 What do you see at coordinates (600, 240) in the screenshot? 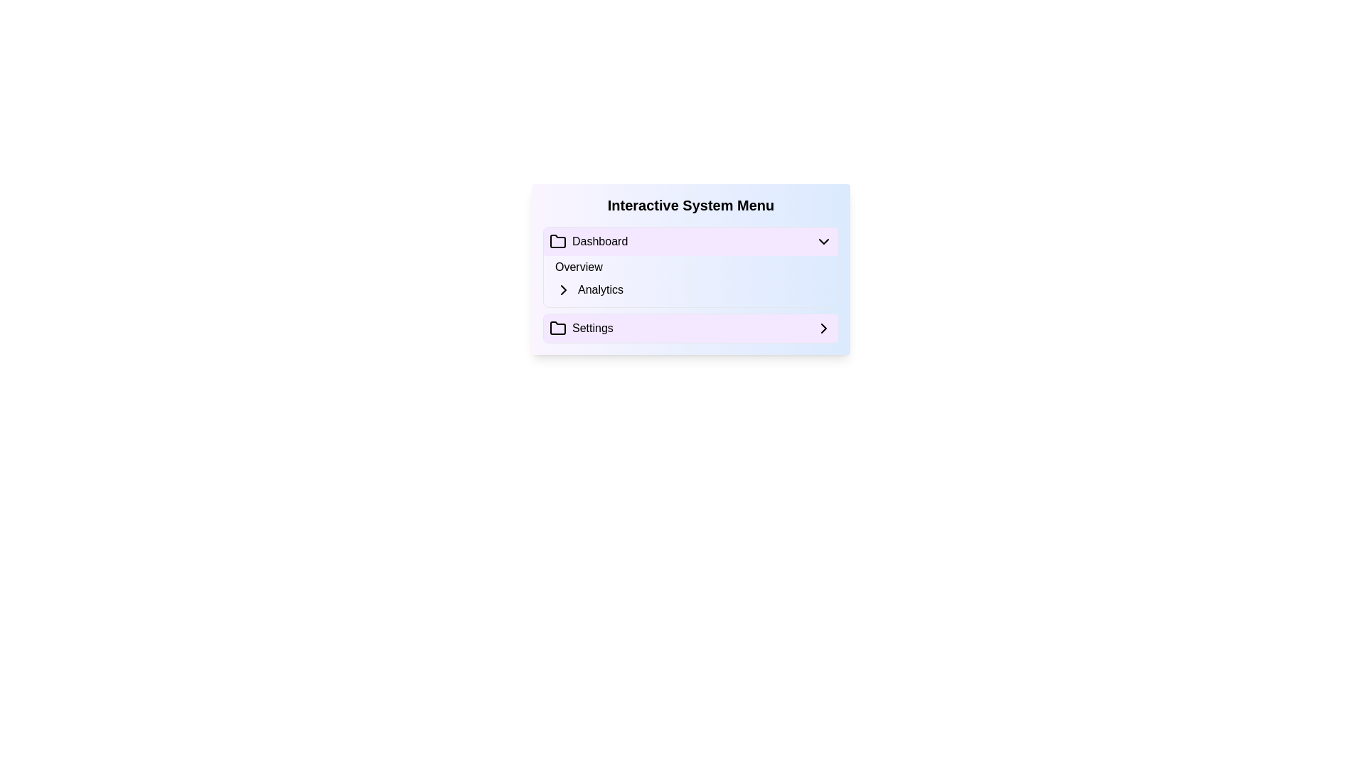
I see `the 'Dashboard' text label in the Interactive System Menu, which is located to the right of the folder icon` at bounding box center [600, 240].